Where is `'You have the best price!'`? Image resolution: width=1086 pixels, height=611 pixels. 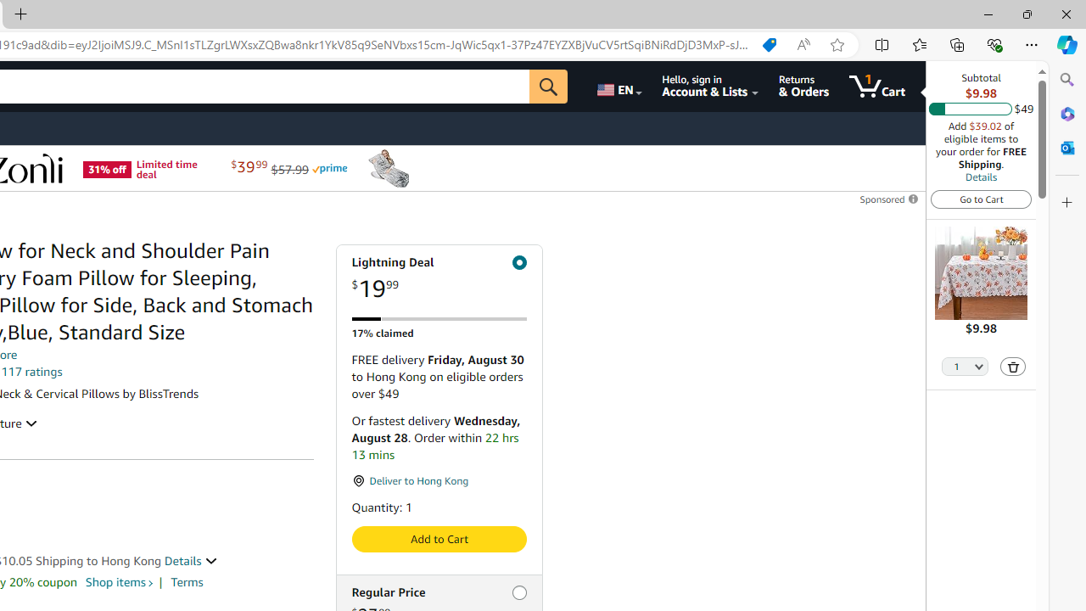
'You have the best price!' is located at coordinates (768, 44).